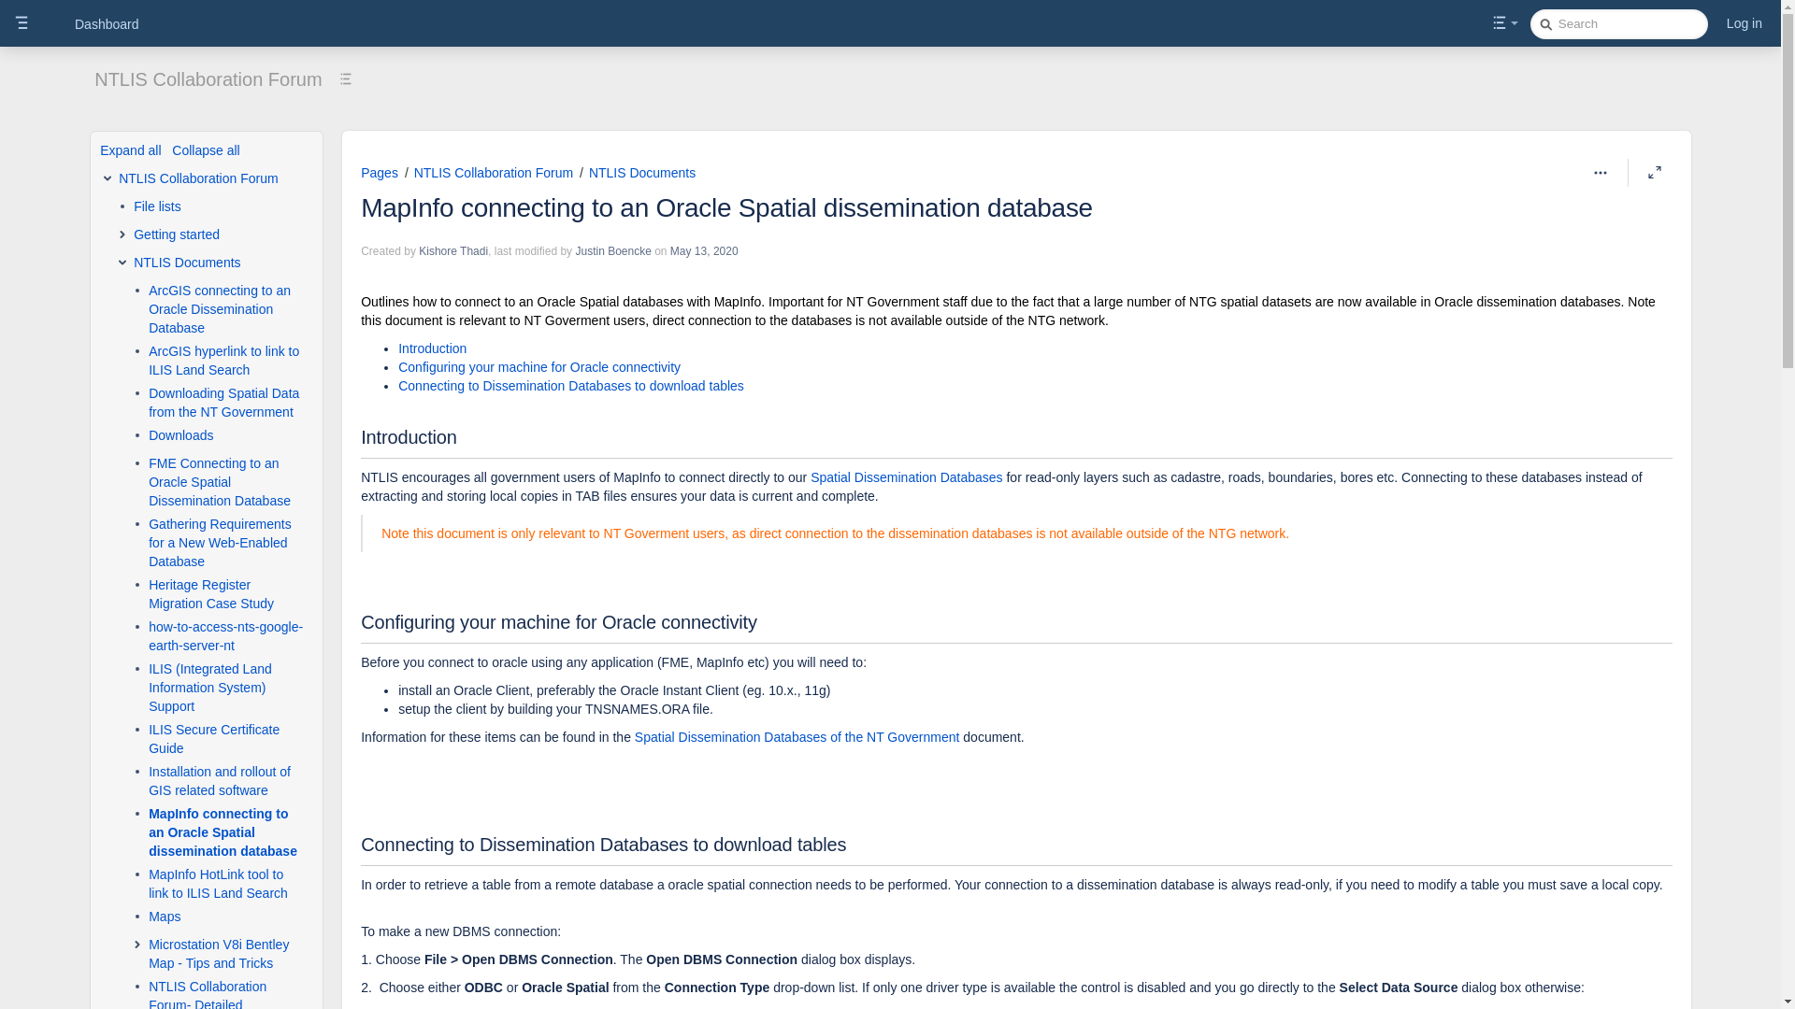 The width and height of the screenshot is (1795, 1009). I want to click on 'Kishore Thadi', so click(452, 250).